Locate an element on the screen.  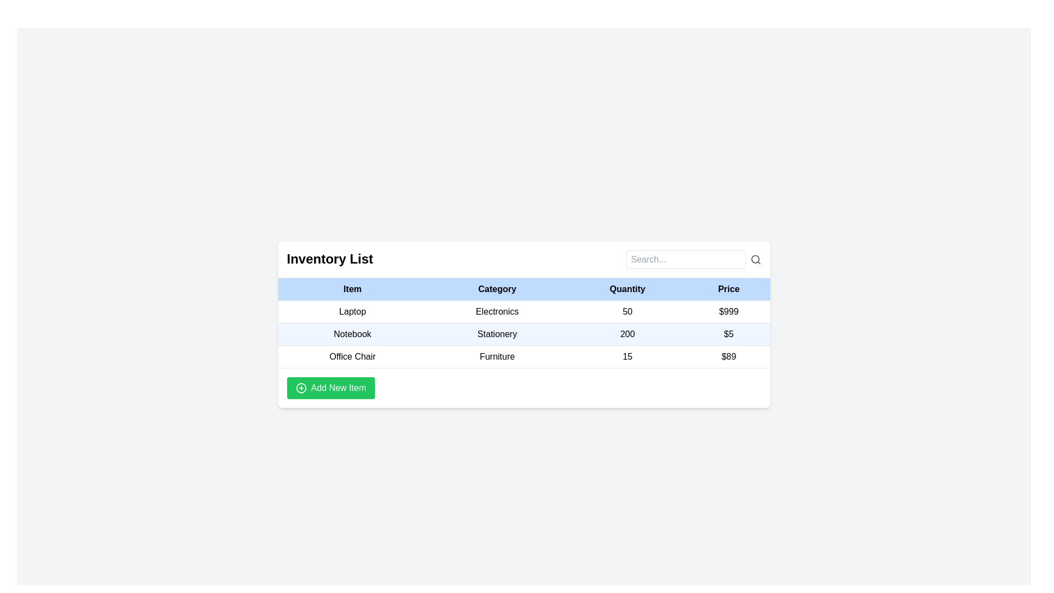
the 'Add New Item' button which contains the circular icon on its left side, visually indicating the addition operation is located at coordinates (301, 387).